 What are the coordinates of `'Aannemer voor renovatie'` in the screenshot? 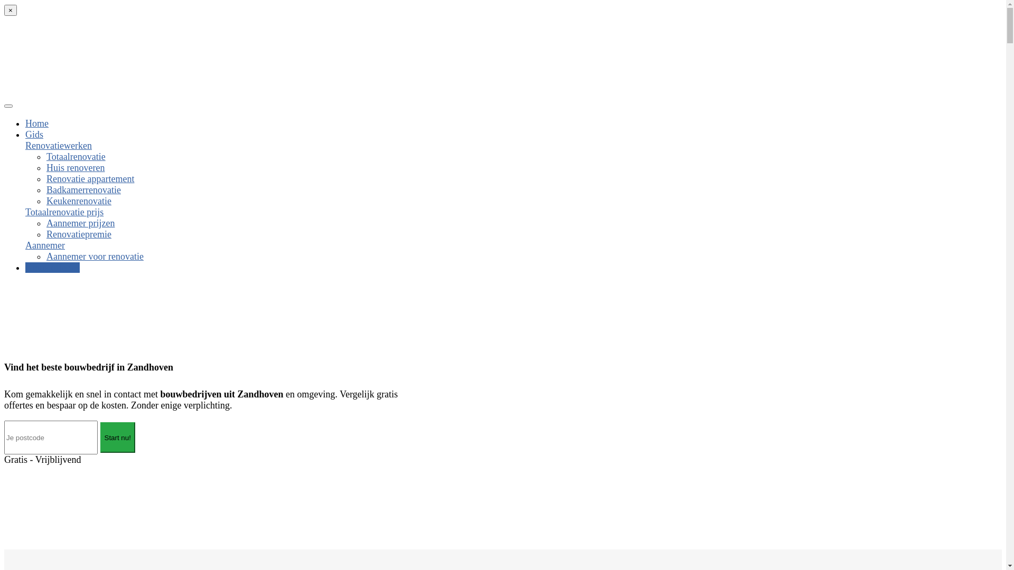 It's located at (95, 256).